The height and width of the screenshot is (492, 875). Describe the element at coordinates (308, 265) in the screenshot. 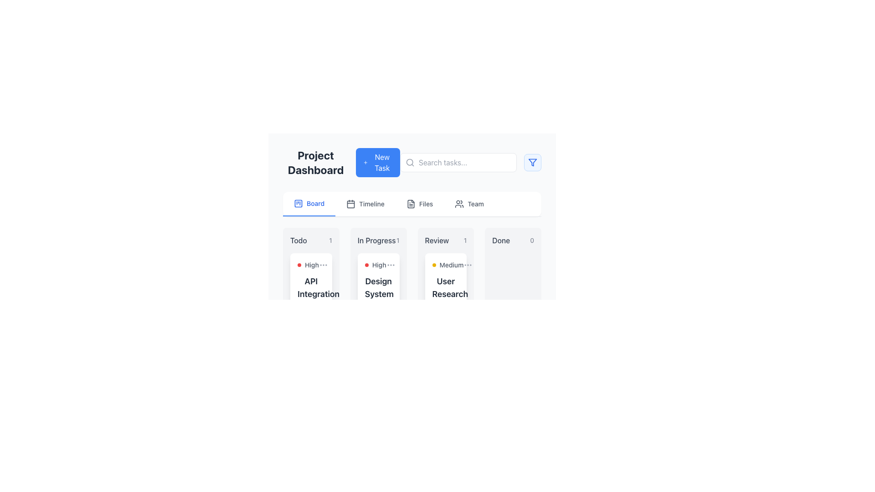

I see `the textual label 'High' with a red circular marker` at that location.